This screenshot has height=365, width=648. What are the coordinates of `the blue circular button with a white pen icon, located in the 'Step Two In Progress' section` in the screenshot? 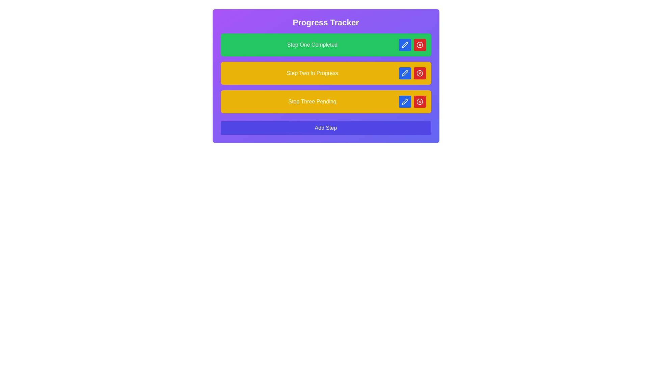 It's located at (405, 73).